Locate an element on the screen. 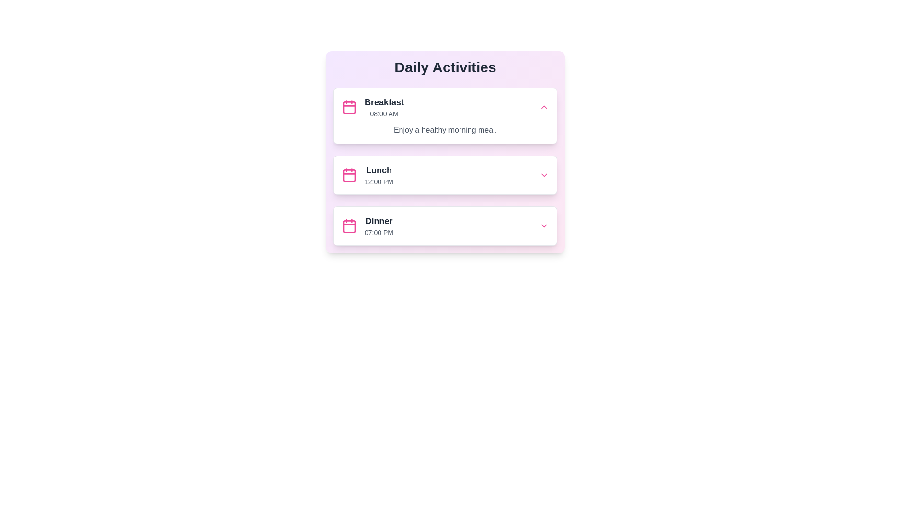 This screenshot has height=517, width=920. the Text Label displaying '12:00 PM' located below the bolded text 'Lunch' in the second box under 'Daily Activities' is located at coordinates (379, 182).